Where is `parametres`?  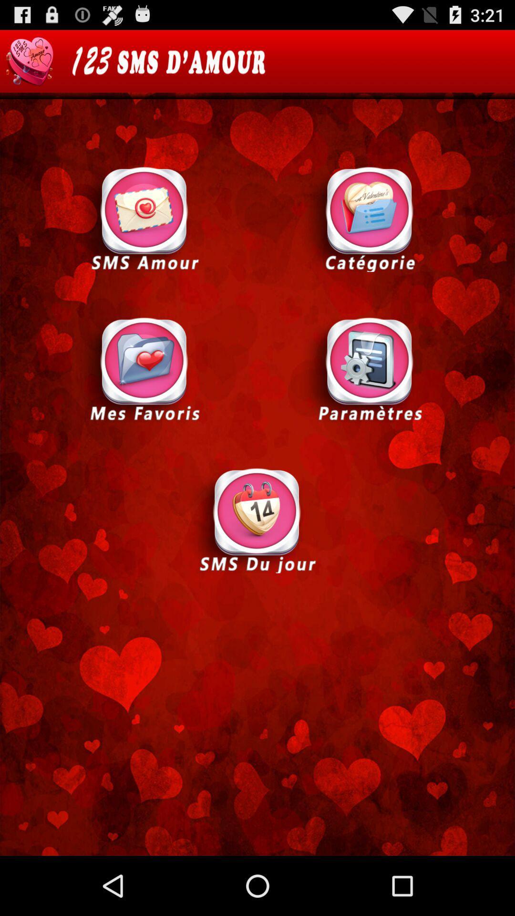 parametres is located at coordinates (369, 368).